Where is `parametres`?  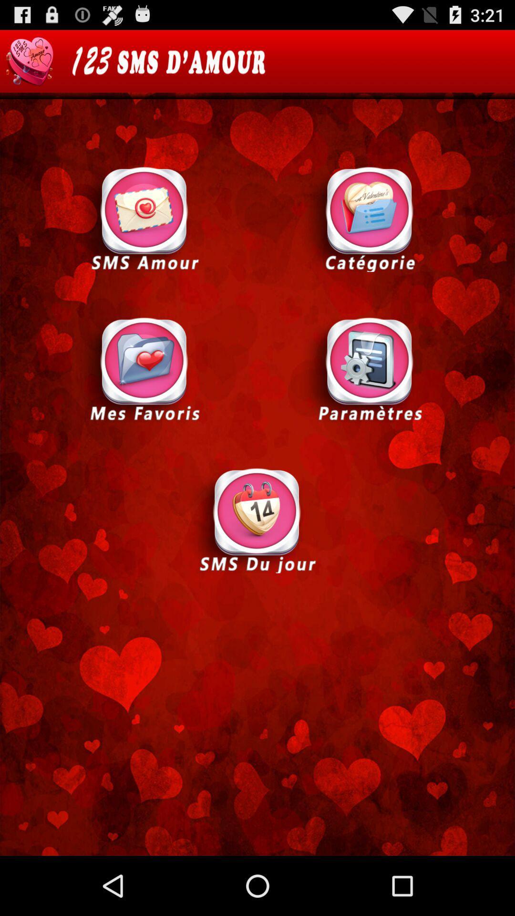 parametres is located at coordinates (369, 368).